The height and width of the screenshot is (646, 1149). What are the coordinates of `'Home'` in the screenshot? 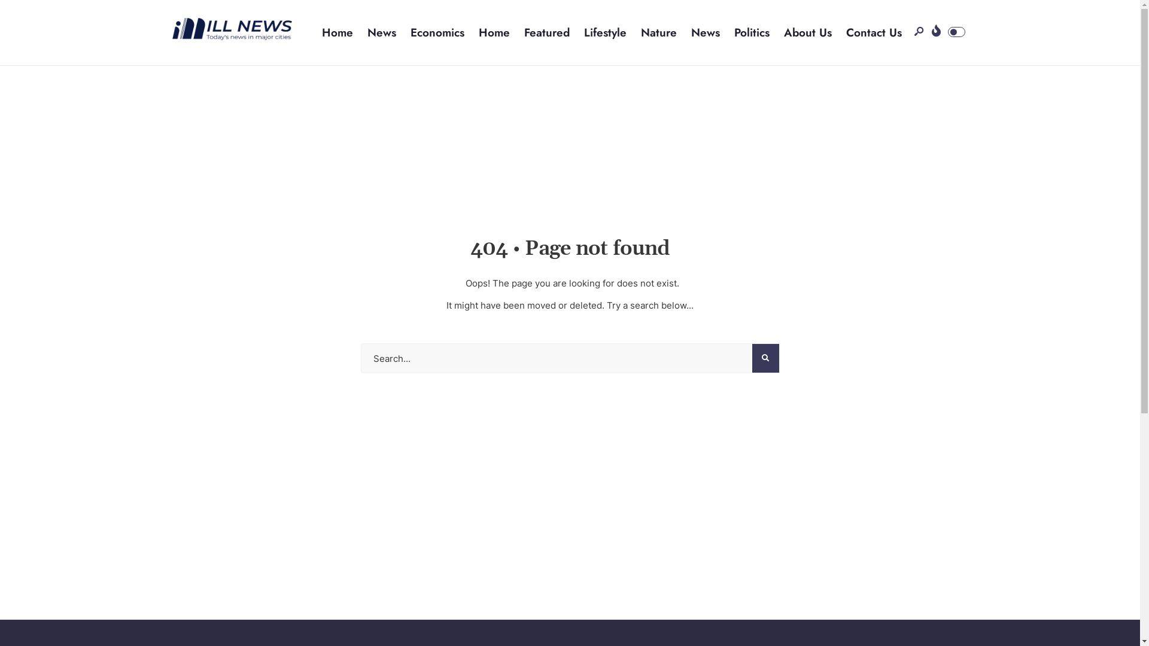 It's located at (494, 32).